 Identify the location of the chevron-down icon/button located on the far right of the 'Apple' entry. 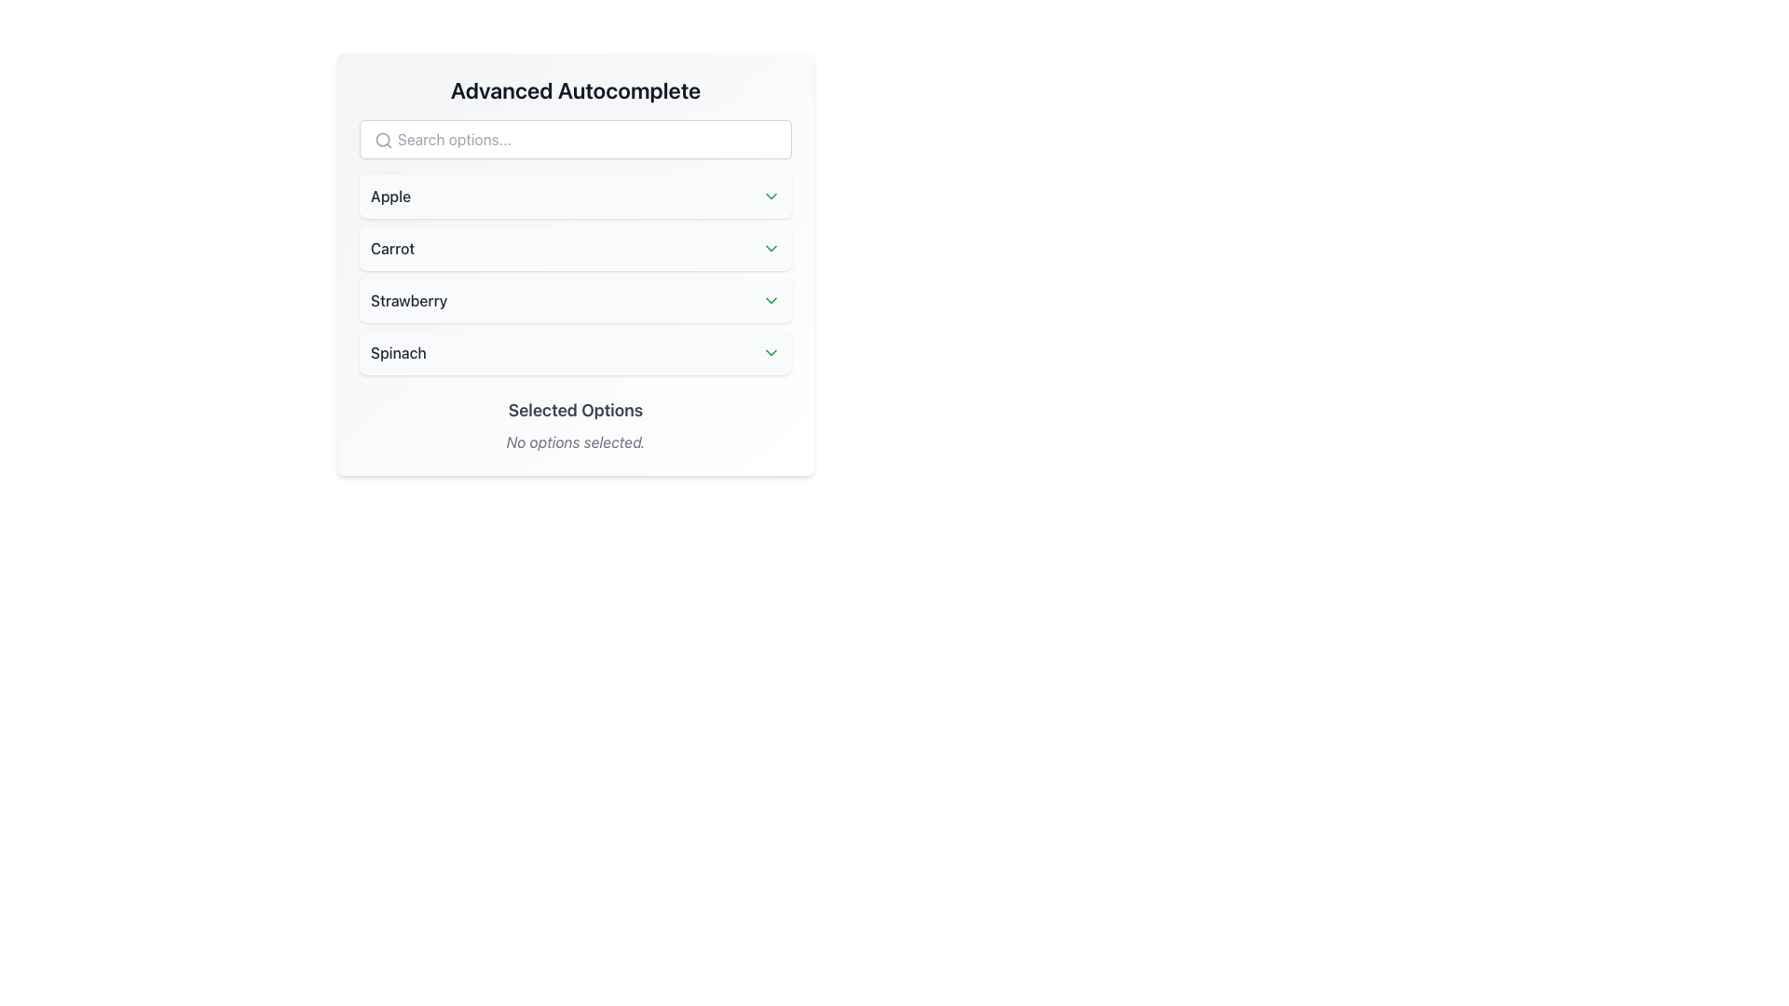
(772, 197).